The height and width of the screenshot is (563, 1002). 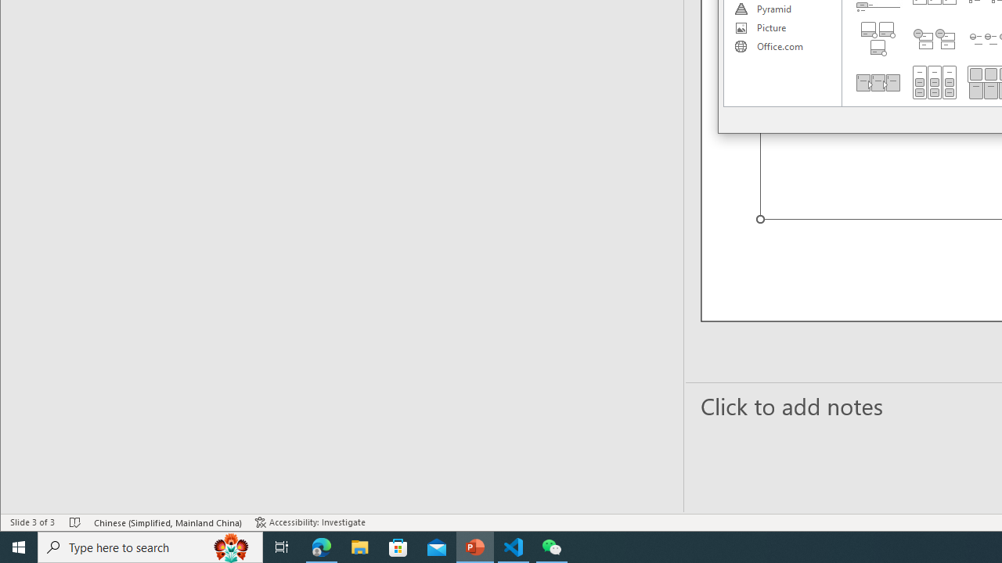 I want to click on 'Search highlights icon opens search home window', so click(x=230, y=546).